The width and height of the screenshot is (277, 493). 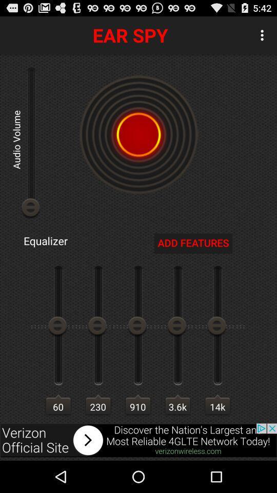 What do you see at coordinates (138, 134) in the screenshot?
I see `record voice` at bounding box center [138, 134].